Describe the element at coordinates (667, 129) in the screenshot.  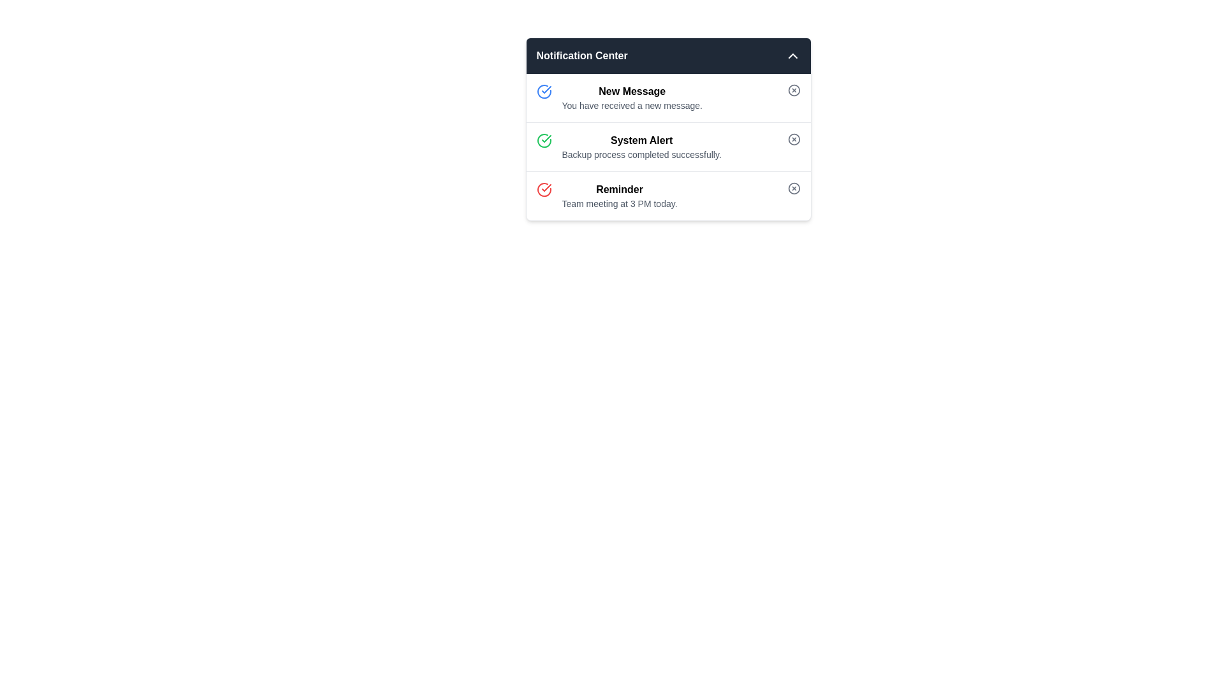
I see `the Notification Panel Item that displays a successful backup process completion message, located at the second position in the Notification Center panel` at that location.